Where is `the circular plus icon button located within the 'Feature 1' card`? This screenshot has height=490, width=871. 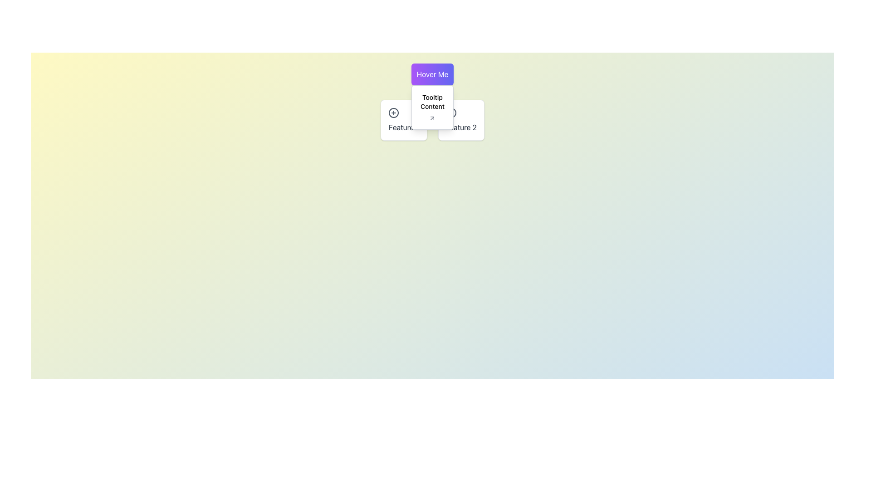
the circular plus icon button located within the 'Feature 1' card is located at coordinates (393, 113).